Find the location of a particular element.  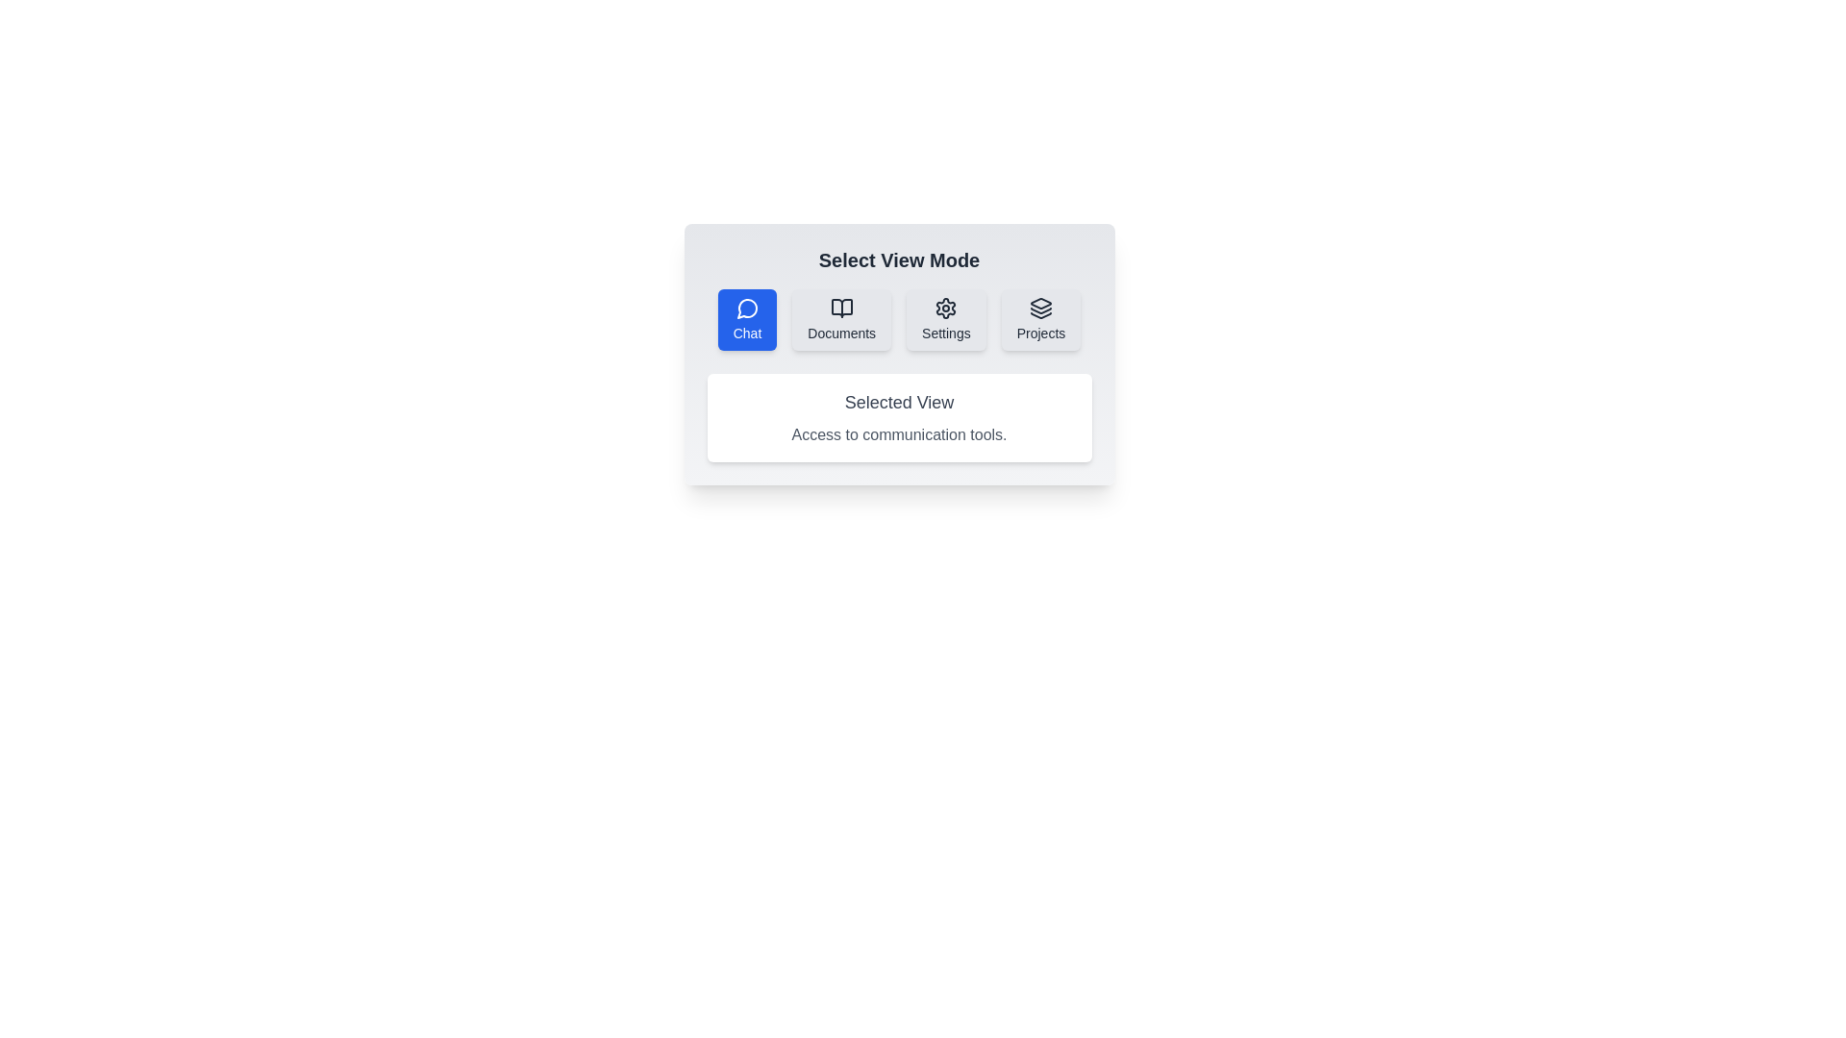

the button labeled 'Settings' to observe its hover effect is located at coordinates (946, 318).